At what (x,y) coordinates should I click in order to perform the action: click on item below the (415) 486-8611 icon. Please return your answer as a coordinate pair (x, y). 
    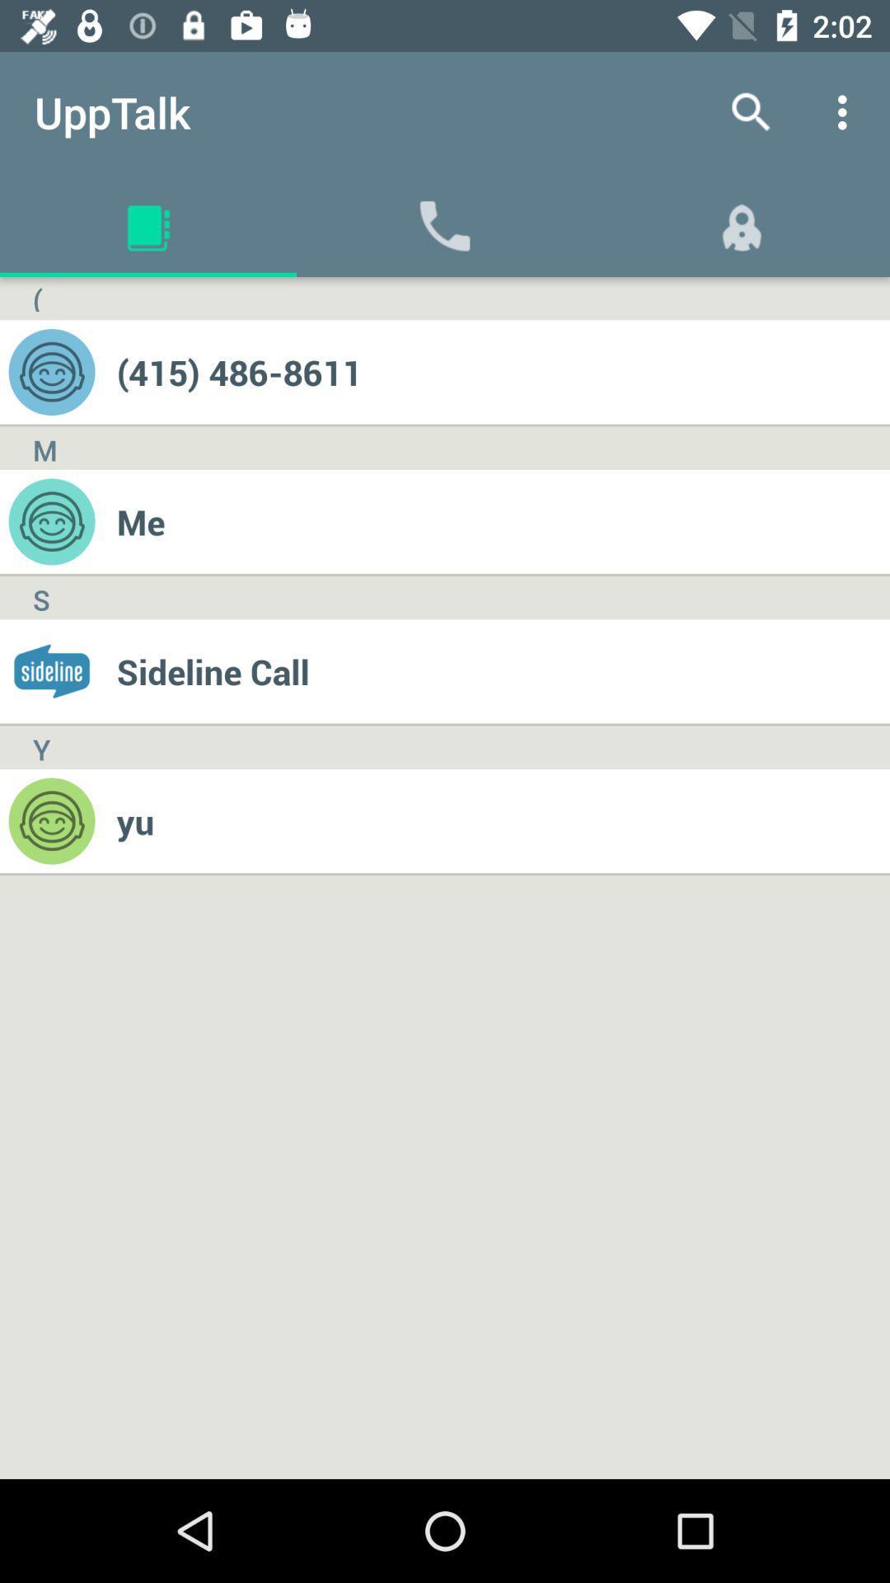
    Looking at the image, I should click on (502, 521).